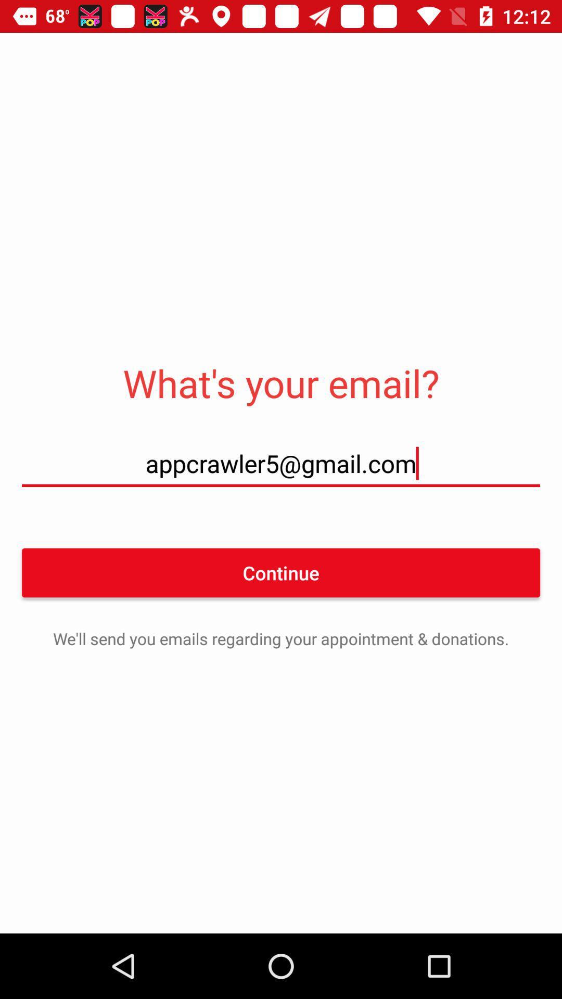  Describe the element at coordinates (281, 463) in the screenshot. I see `the item below what s your icon` at that location.